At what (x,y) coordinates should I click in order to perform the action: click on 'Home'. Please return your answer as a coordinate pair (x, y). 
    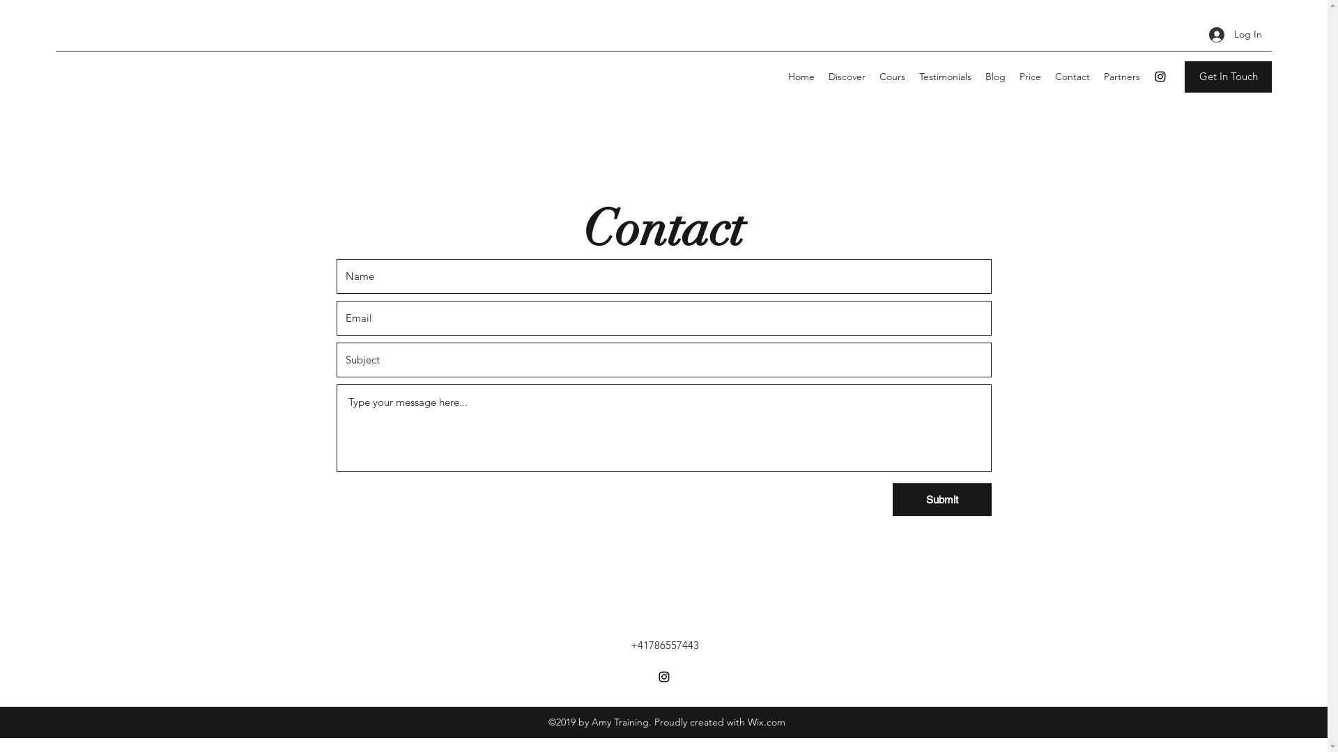
    Looking at the image, I should click on (801, 77).